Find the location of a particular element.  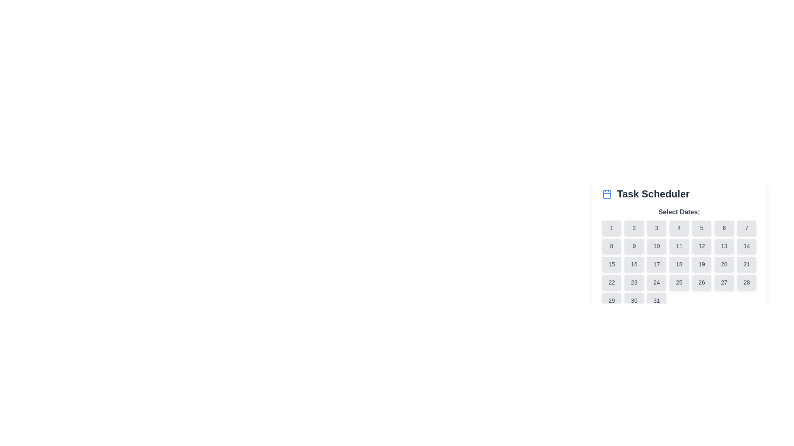

the square button labeled '14' with a light grey background in the 'Select Dates' section of the 'Task Scheduler' is located at coordinates (746, 246).